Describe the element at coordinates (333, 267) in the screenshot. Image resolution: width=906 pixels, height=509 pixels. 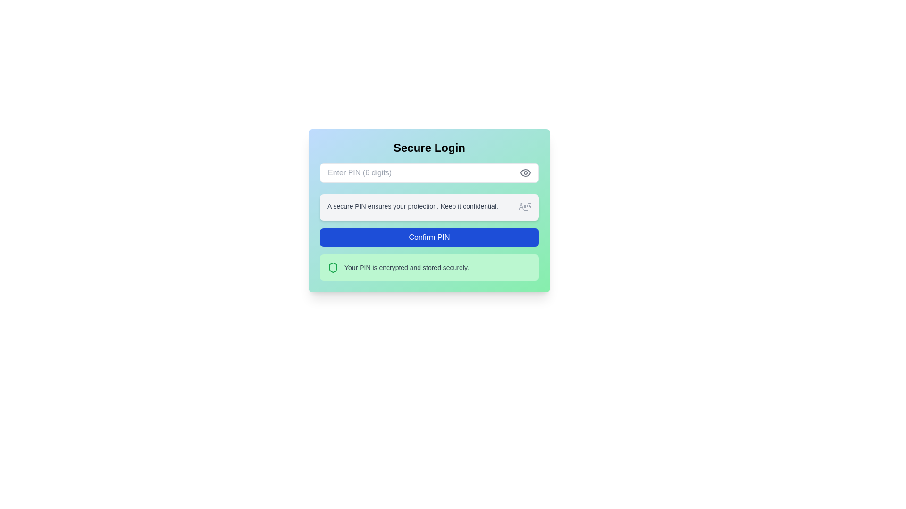
I see `the shield icon symbolizing security, located to the left of the text 'Your PIN is encrypted and stored securely.'` at that location.